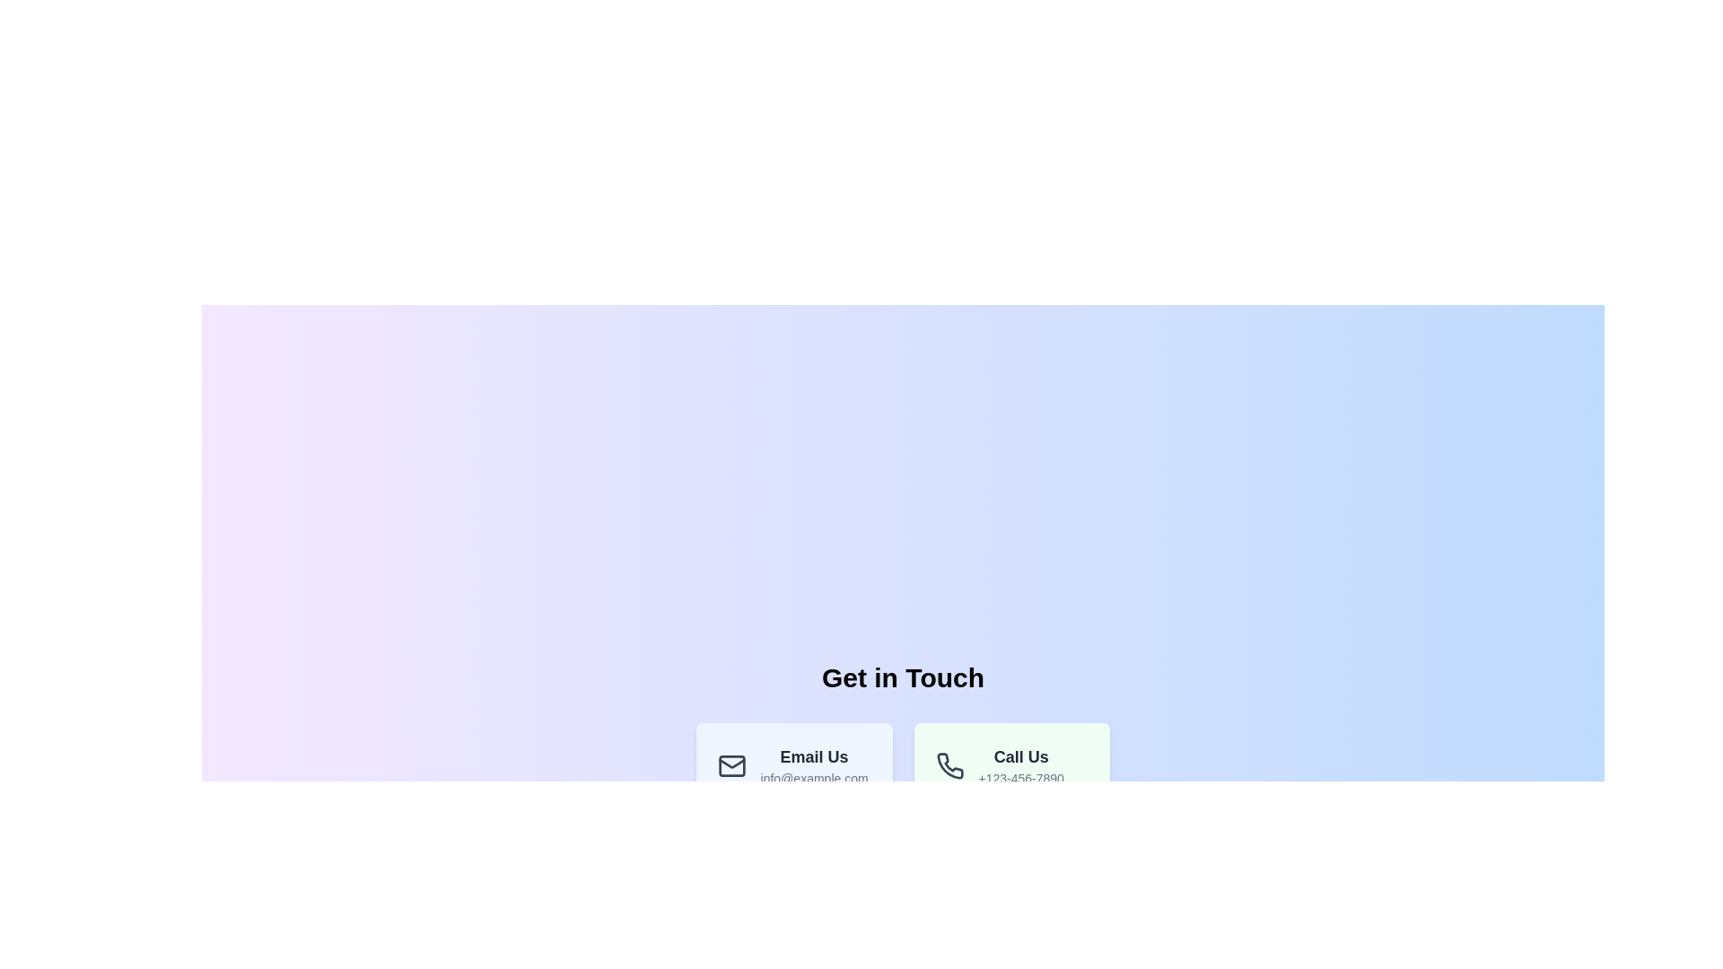  Describe the element at coordinates (813, 777) in the screenshot. I see `the text element 'info@example.com' located under the heading 'Email Us'` at that location.